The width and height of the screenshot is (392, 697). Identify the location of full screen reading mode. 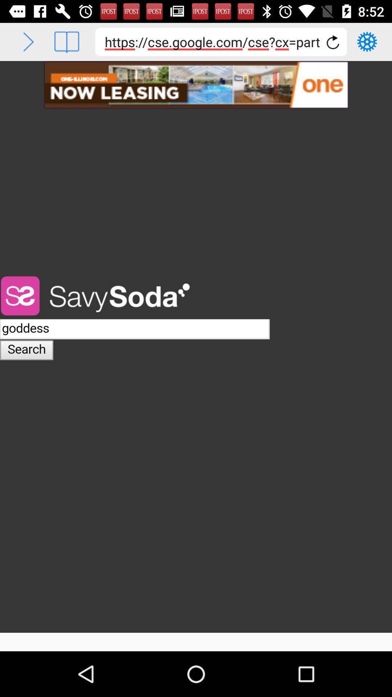
(66, 41).